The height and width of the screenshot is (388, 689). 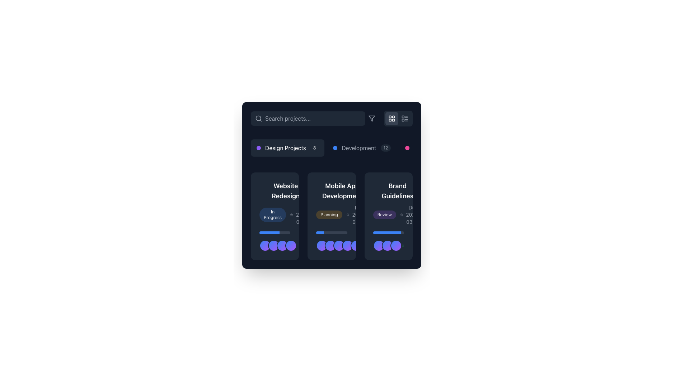 What do you see at coordinates (275, 245) in the screenshot?
I see `the third circular gradient avatar` at bounding box center [275, 245].